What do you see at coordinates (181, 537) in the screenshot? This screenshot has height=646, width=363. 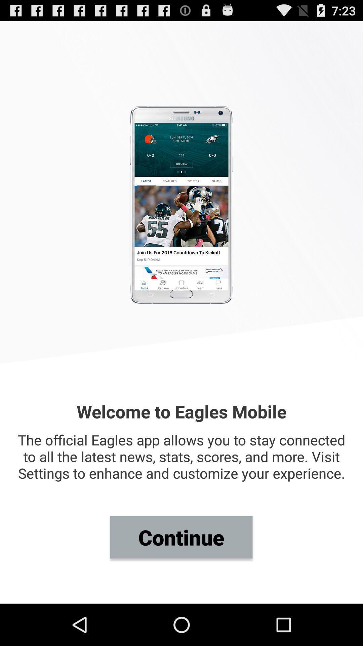 I see `item below the official eagles item` at bounding box center [181, 537].